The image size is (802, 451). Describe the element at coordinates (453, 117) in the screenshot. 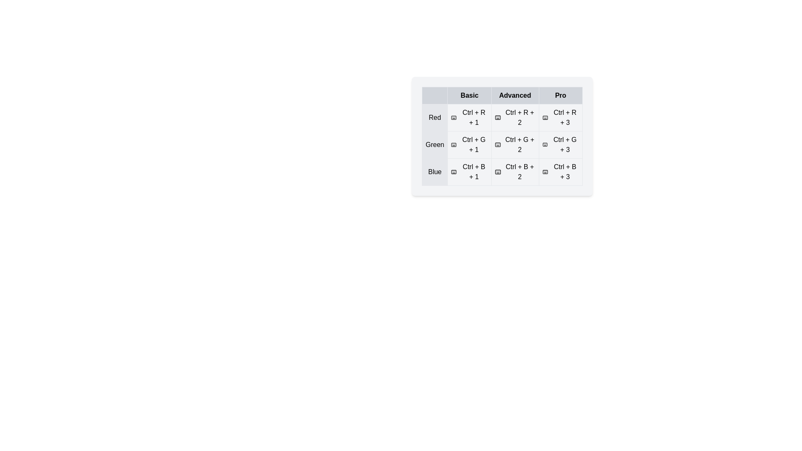

I see `keyboard icon, which is a small square-shaped symbol styled with a line-drawing aesthetic, located before the text 'Ctrl + R + 1' in the 'Red' row and 'Basic' column of the table` at that location.